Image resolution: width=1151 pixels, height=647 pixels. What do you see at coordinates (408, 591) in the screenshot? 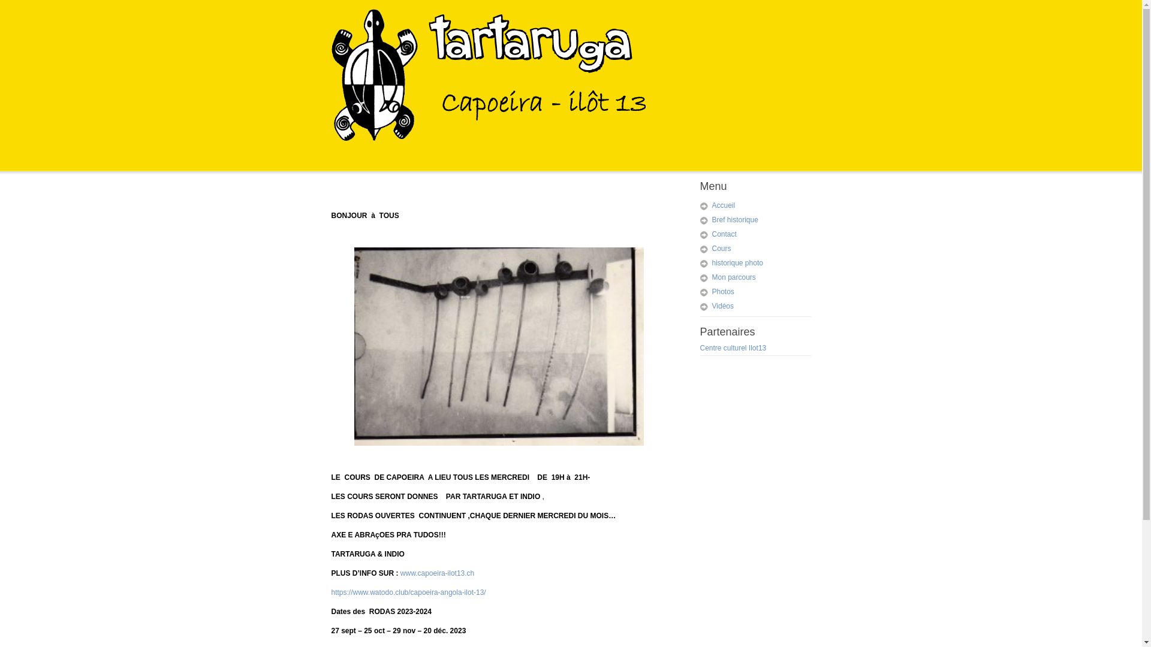
I see `'https://www.watodo.club/capoeira-angola-ilot-13/'` at bounding box center [408, 591].